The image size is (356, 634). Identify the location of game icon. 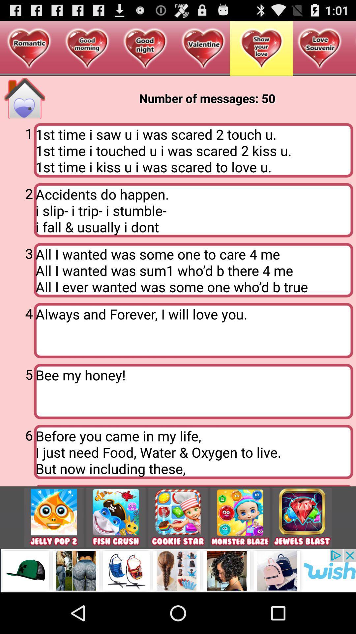
(115, 517).